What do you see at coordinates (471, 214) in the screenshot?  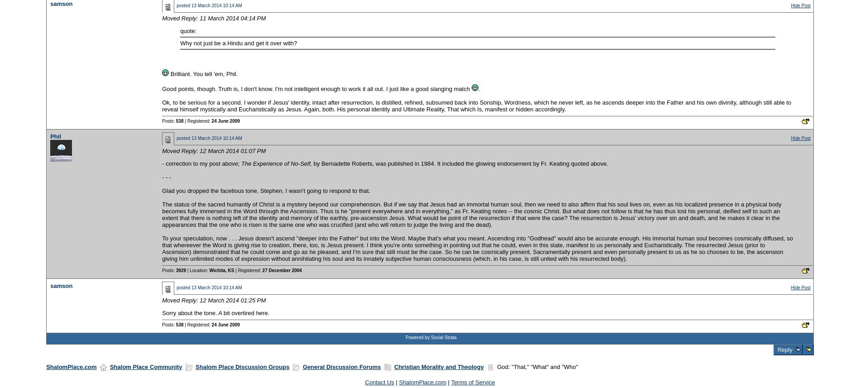 I see `'The status of the sacred humanity of Christ is a mystery beyond our comprehension. But if we say that Jesus had an immortal human soul, then we need to also affirm that his soul lives on, even as his localized presence in a physical body becomes fully immersed in the Word through the Ascension. Thus is he "present everywhere and in everything," as Fr. Keating notes -- the cosmic Christ. But what does not follow is that he has thus lost his personal, deified self to such an extent that there is nothing left of the identity and memory of the earthly, pre-ascension Jesus. What would be point of the resurrection if that were the case? The resurrection is Jesus' victory over sin and death, and he makes it clear in the appearances that the one who is risen is the same one who was crucified (and who will return to judge the living and the dead).'` at bounding box center [471, 214].